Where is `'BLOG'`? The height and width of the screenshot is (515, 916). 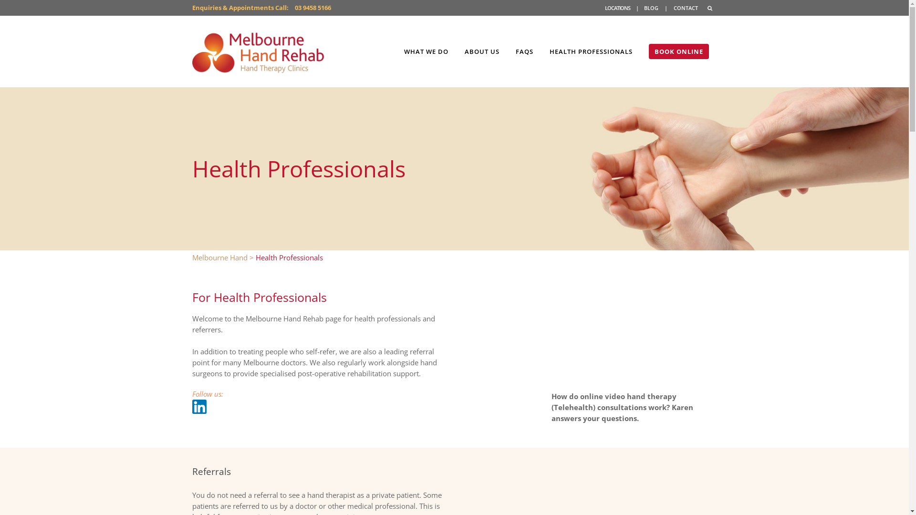
'BLOG' is located at coordinates (644, 8).